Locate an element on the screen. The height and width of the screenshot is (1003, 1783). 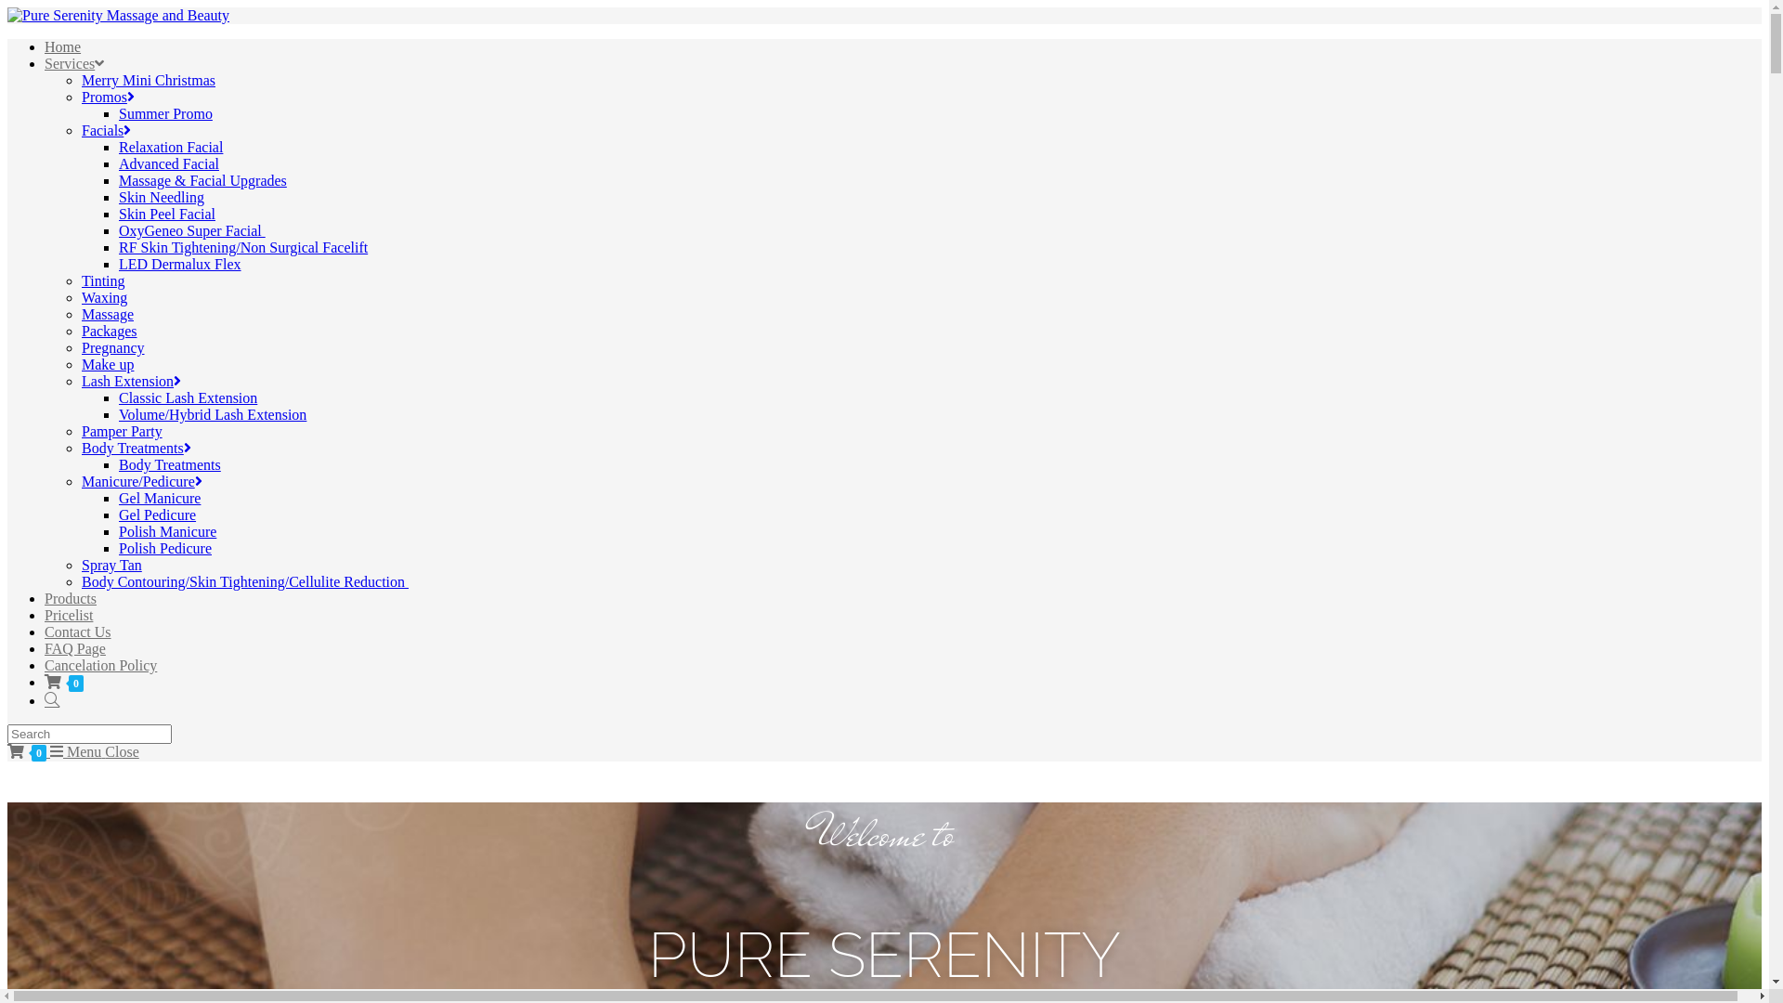
'Merry Mini Christmas' is located at coordinates (80, 79).